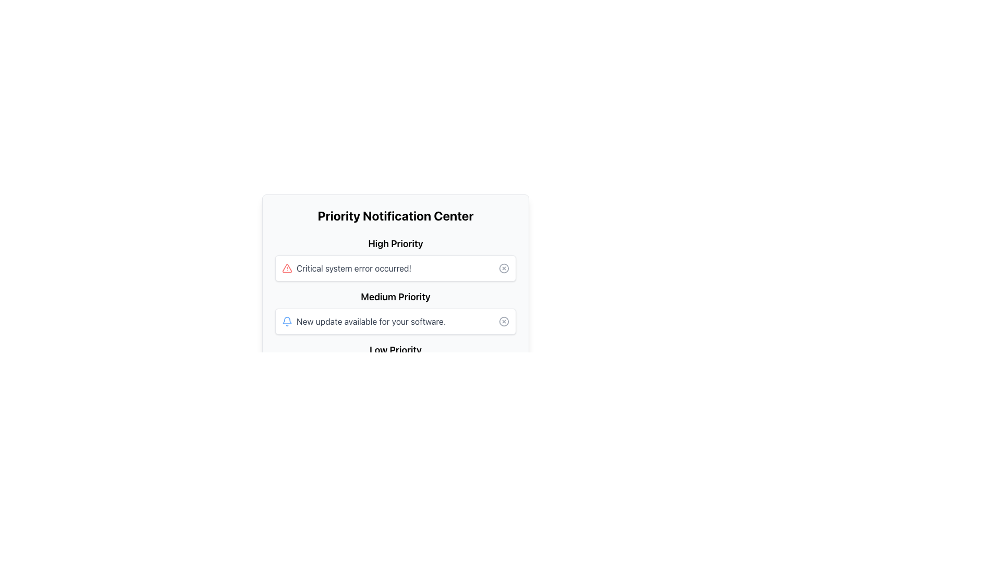 This screenshot has width=1001, height=563. Describe the element at coordinates (395, 311) in the screenshot. I see `the medium-priority Notification Box that informs the user about a software update, located between a high priority and a low priority notification in the middle section of the notification list` at that location.